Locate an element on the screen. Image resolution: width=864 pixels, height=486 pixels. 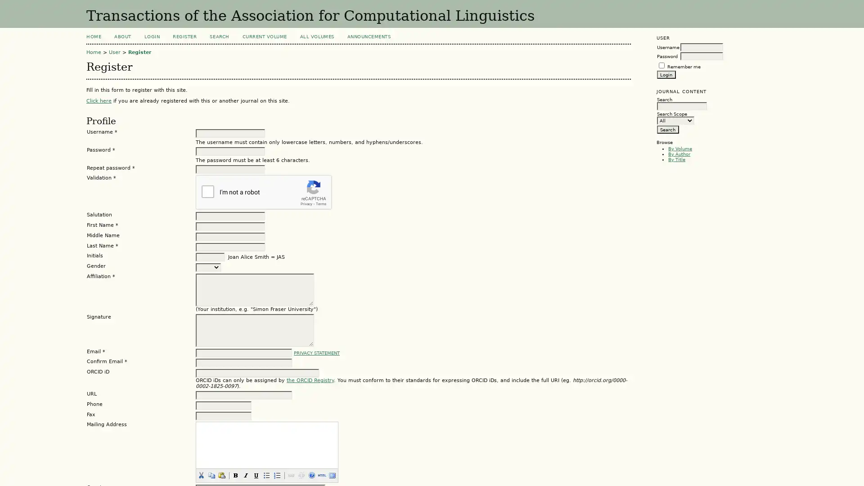
Underline (Ctrl+U) is located at coordinates (256, 475).